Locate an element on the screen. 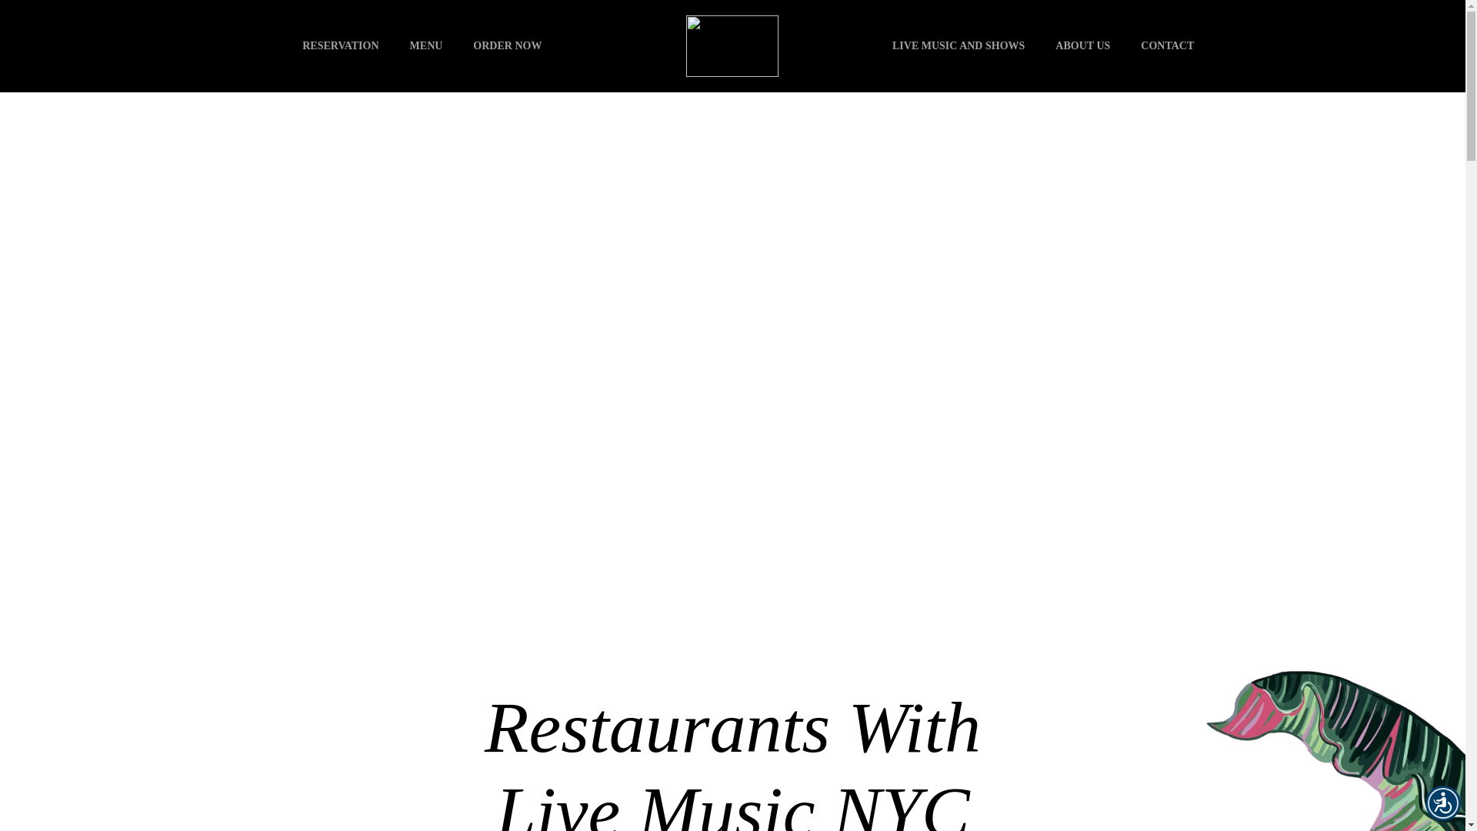 The height and width of the screenshot is (831, 1477). 'ABOUT US' is located at coordinates (1082, 45).